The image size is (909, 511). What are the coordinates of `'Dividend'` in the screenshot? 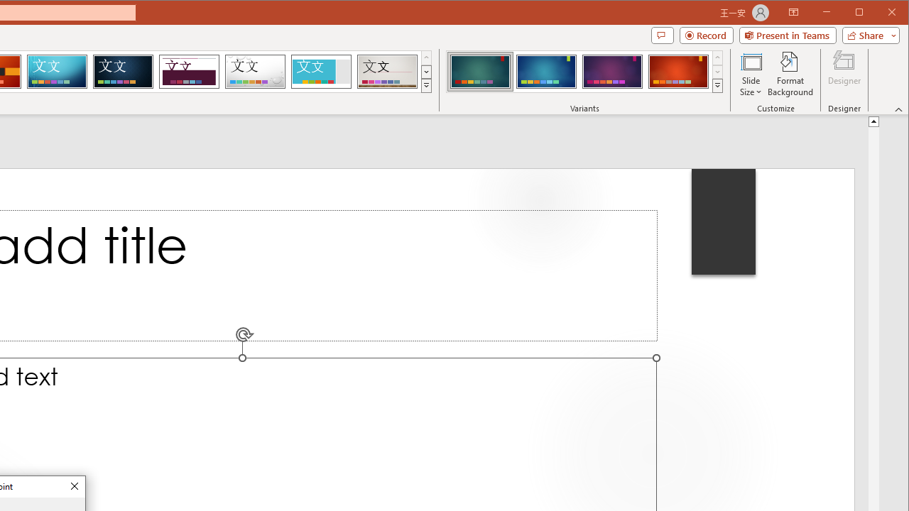 It's located at (188, 71).